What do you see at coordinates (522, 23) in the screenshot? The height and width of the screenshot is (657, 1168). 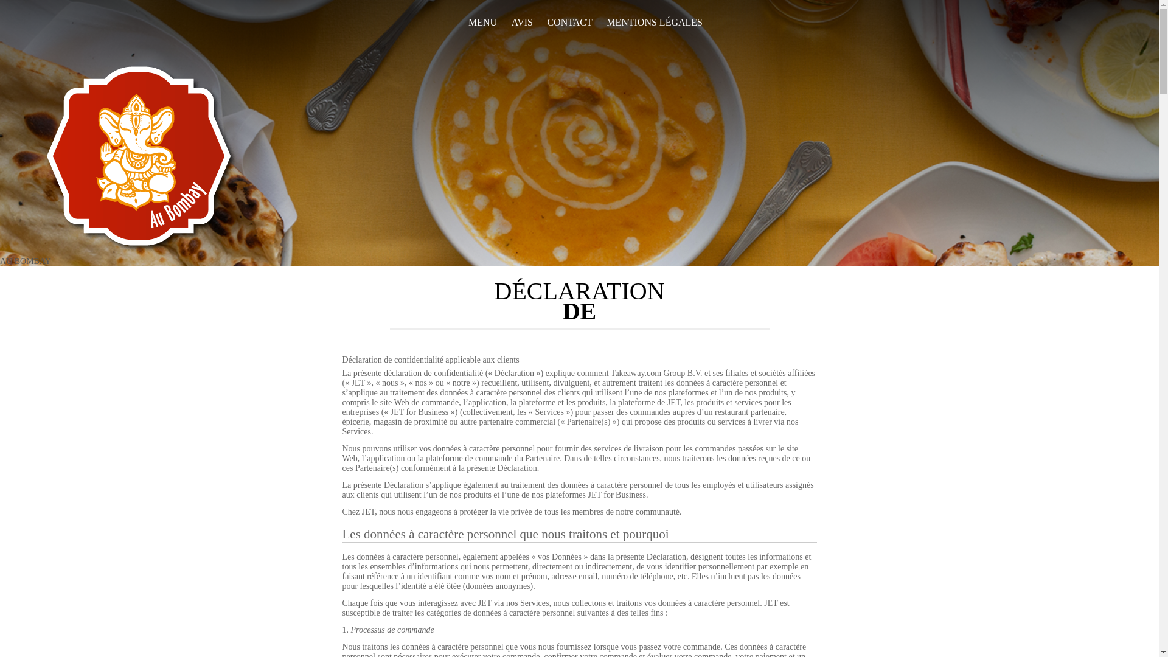 I see `'AVIS'` at bounding box center [522, 23].